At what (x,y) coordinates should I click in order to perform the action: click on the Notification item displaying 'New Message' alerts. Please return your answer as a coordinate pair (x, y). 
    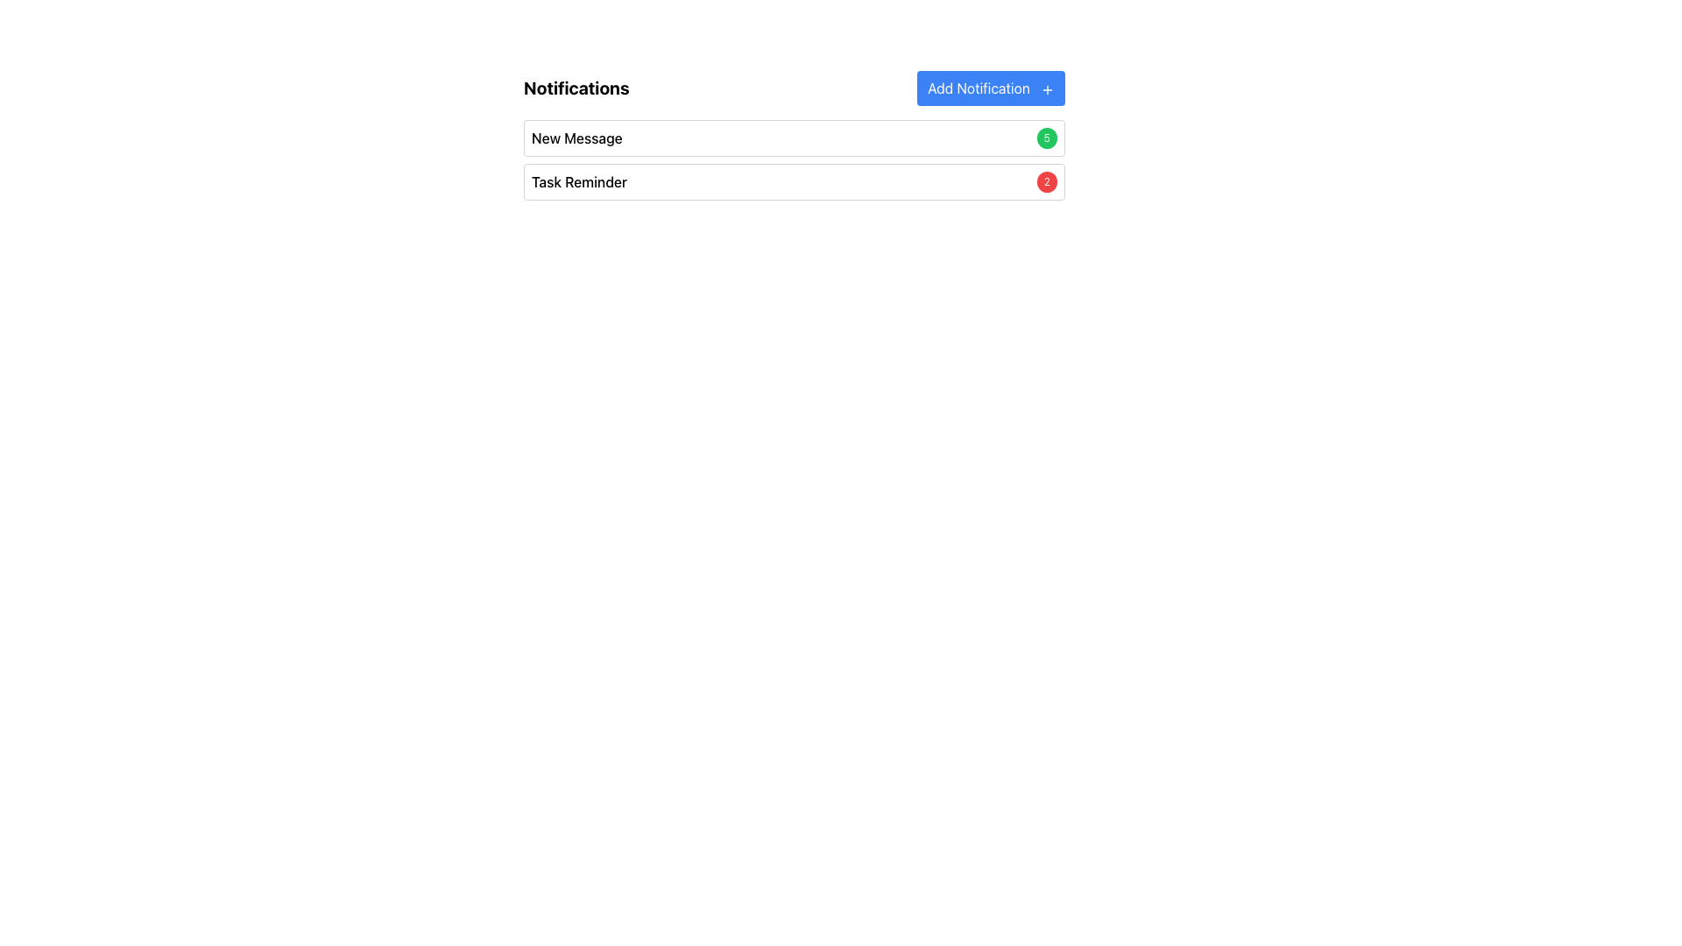
    Looking at the image, I should click on (794, 138).